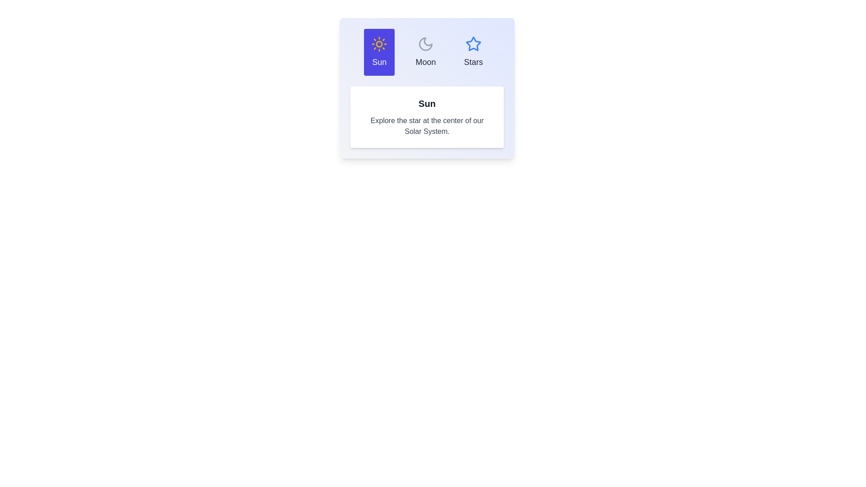  I want to click on the tab corresponding to Moon to view its associated information, so click(425, 52).